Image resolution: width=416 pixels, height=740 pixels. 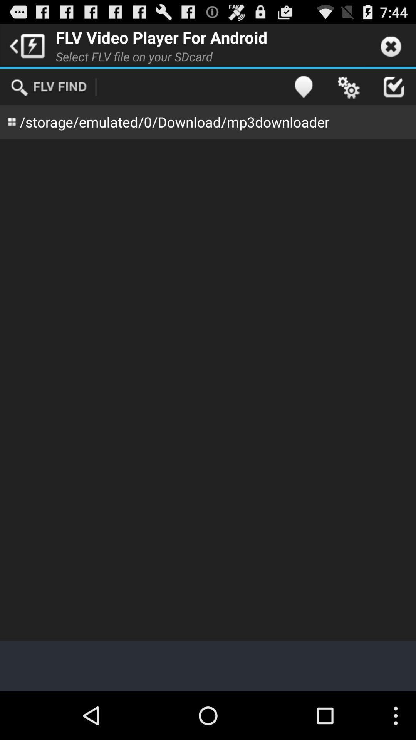 I want to click on the check icon, so click(x=393, y=92).